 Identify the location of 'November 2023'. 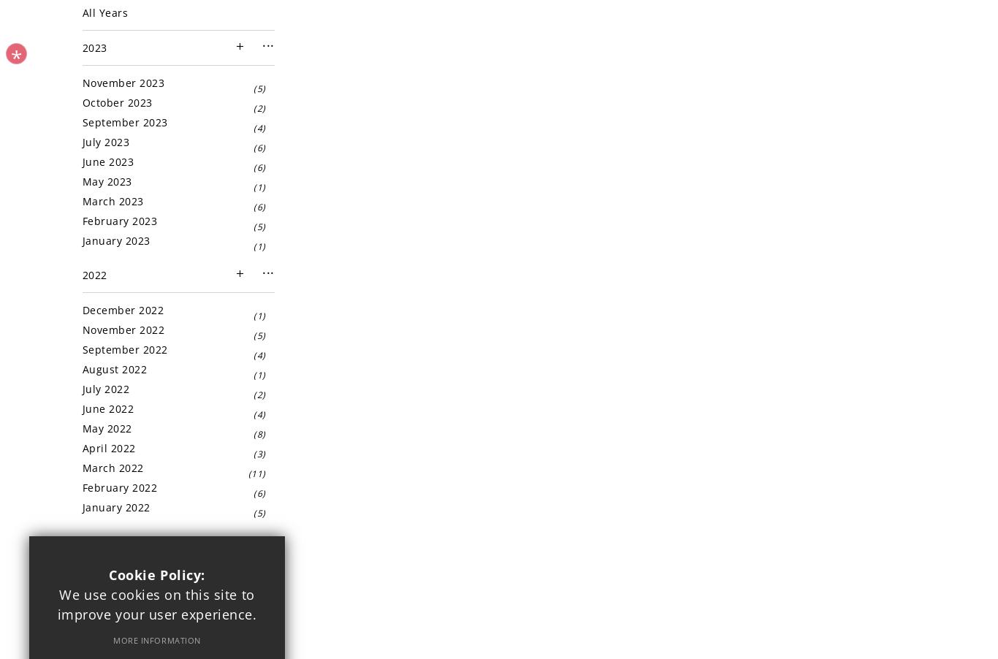
(122, 83).